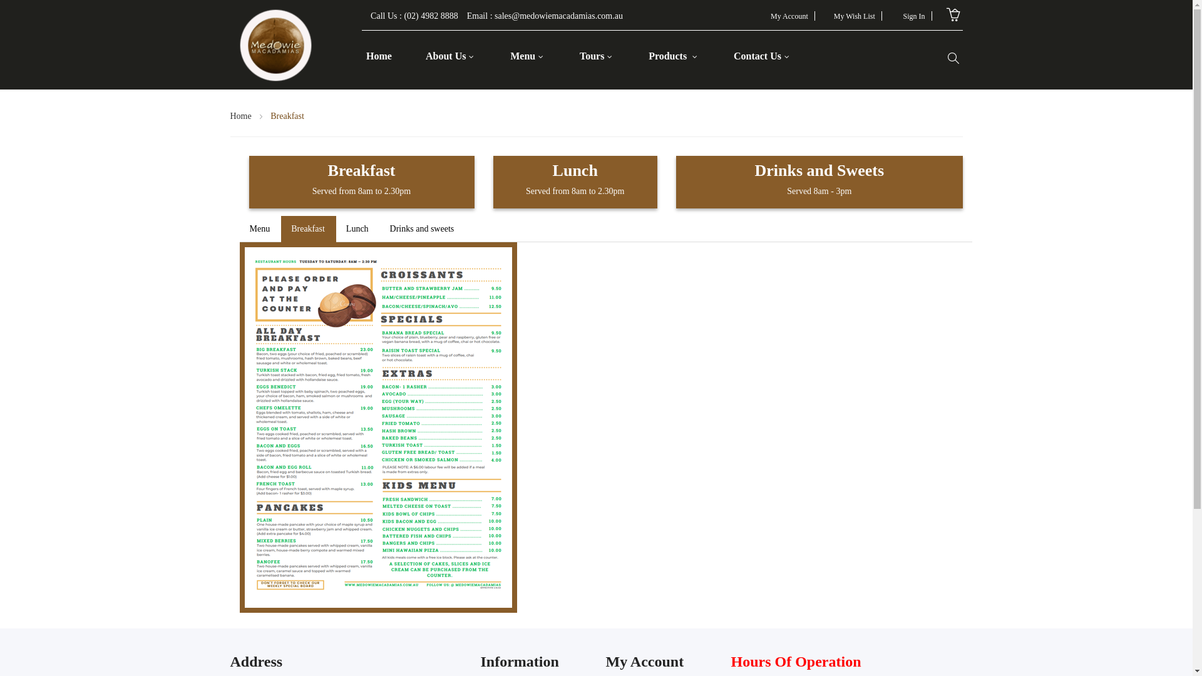 The height and width of the screenshot is (676, 1202). I want to click on 'My Wish List', so click(853, 16).